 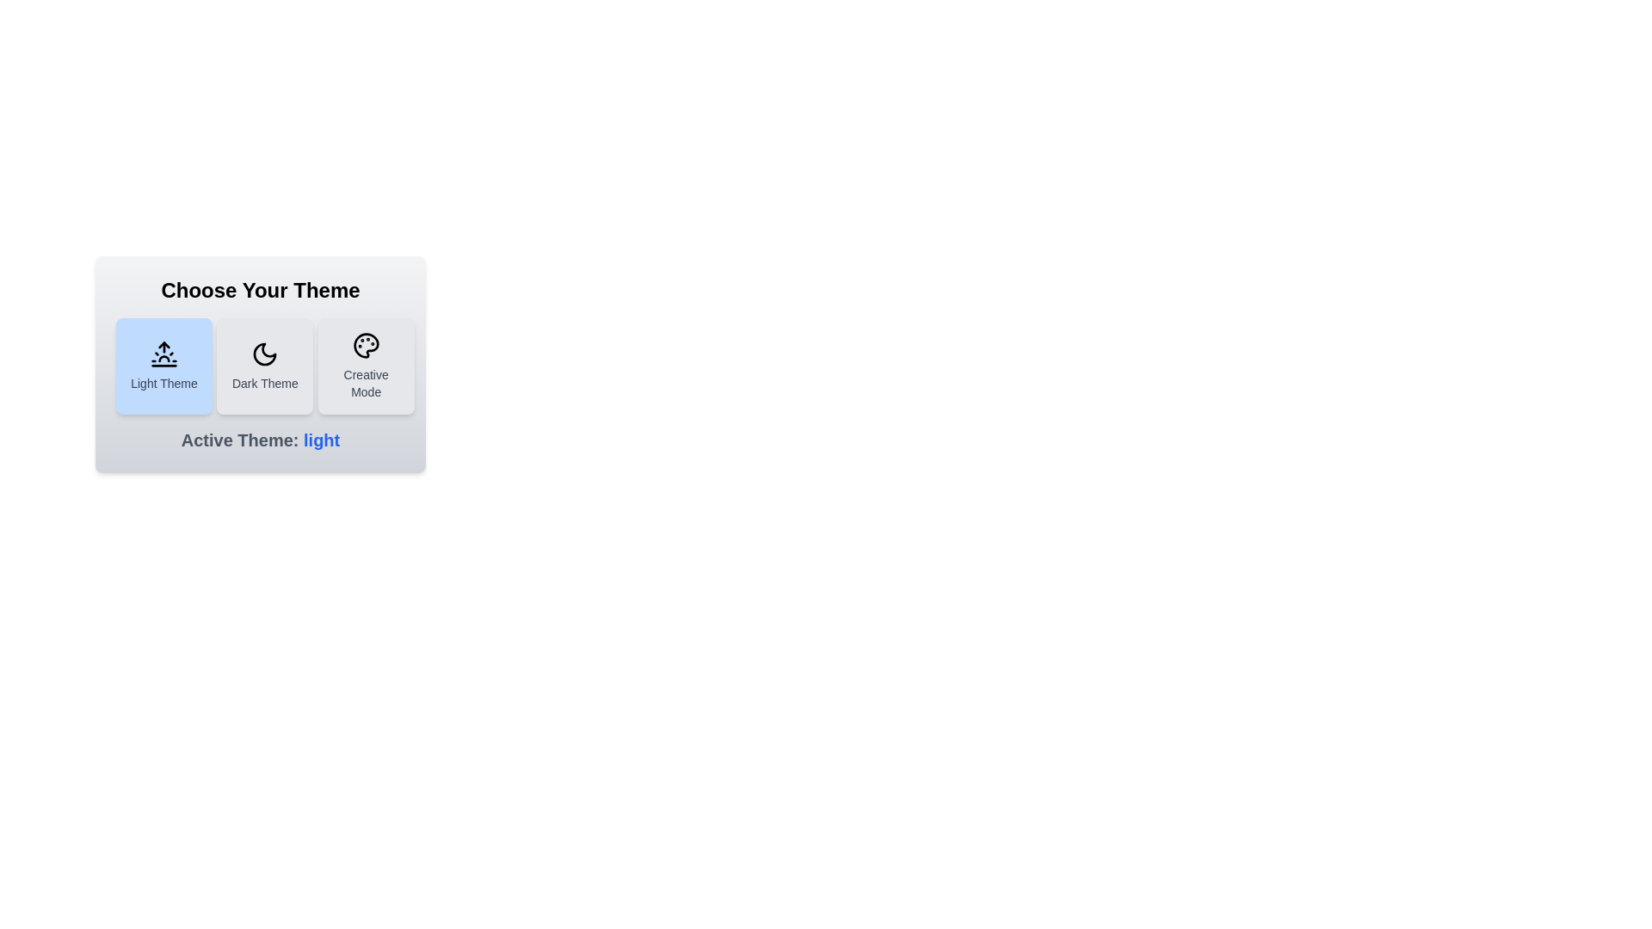 I want to click on the Dark Theme button to observe its visual effect, so click(x=263, y=365).